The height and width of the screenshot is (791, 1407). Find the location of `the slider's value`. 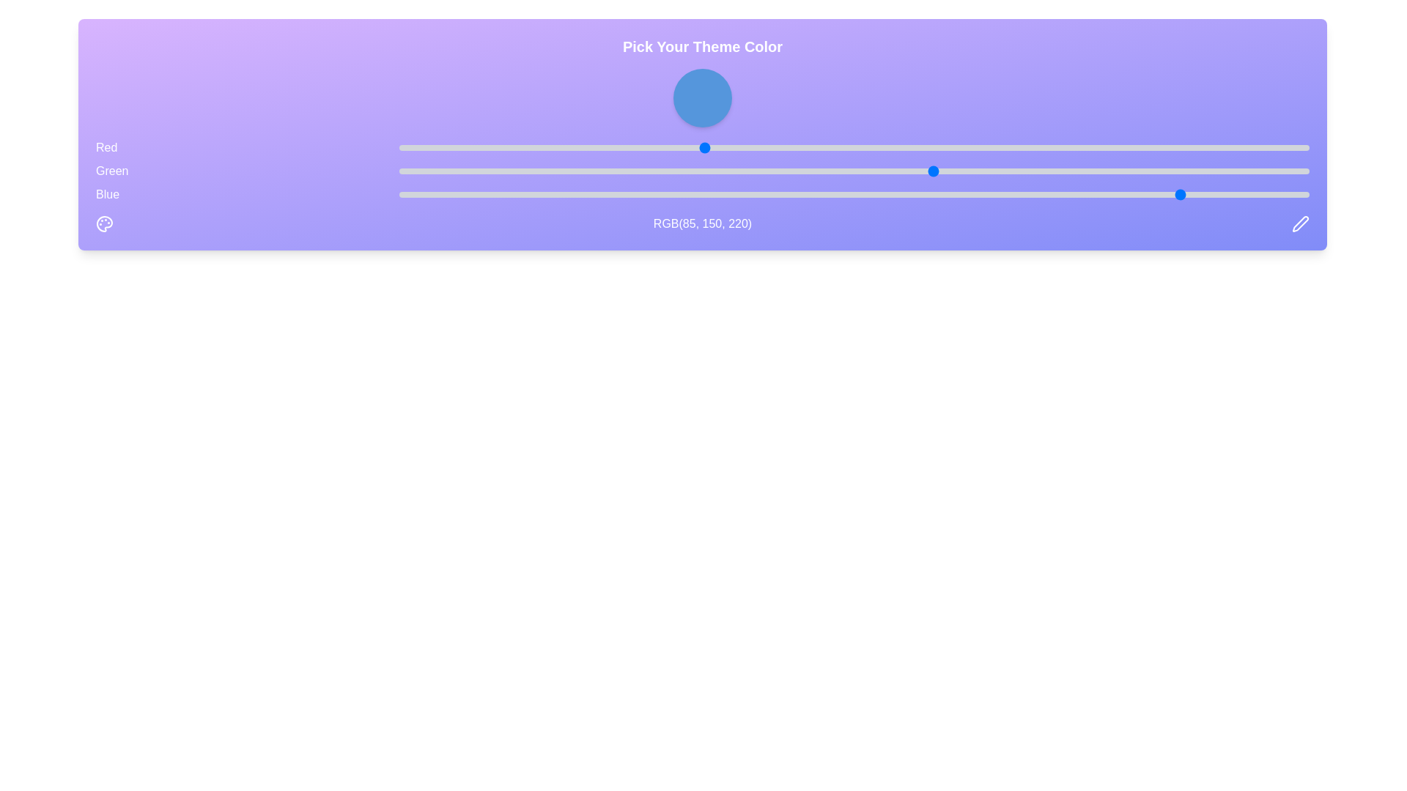

the slider's value is located at coordinates (756, 147).